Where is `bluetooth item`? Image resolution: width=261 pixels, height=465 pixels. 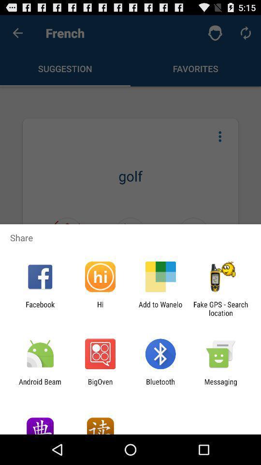 bluetooth item is located at coordinates (160, 386).